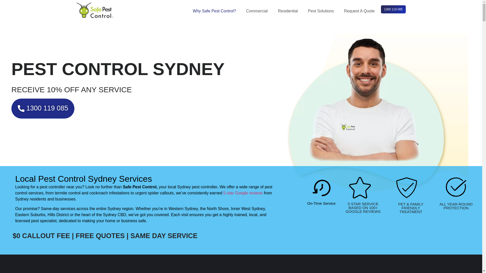 This screenshot has width=486, height=273. Describe the element at coordinates (289, 11) in the screenshot. I see `'Residential'` at that location.